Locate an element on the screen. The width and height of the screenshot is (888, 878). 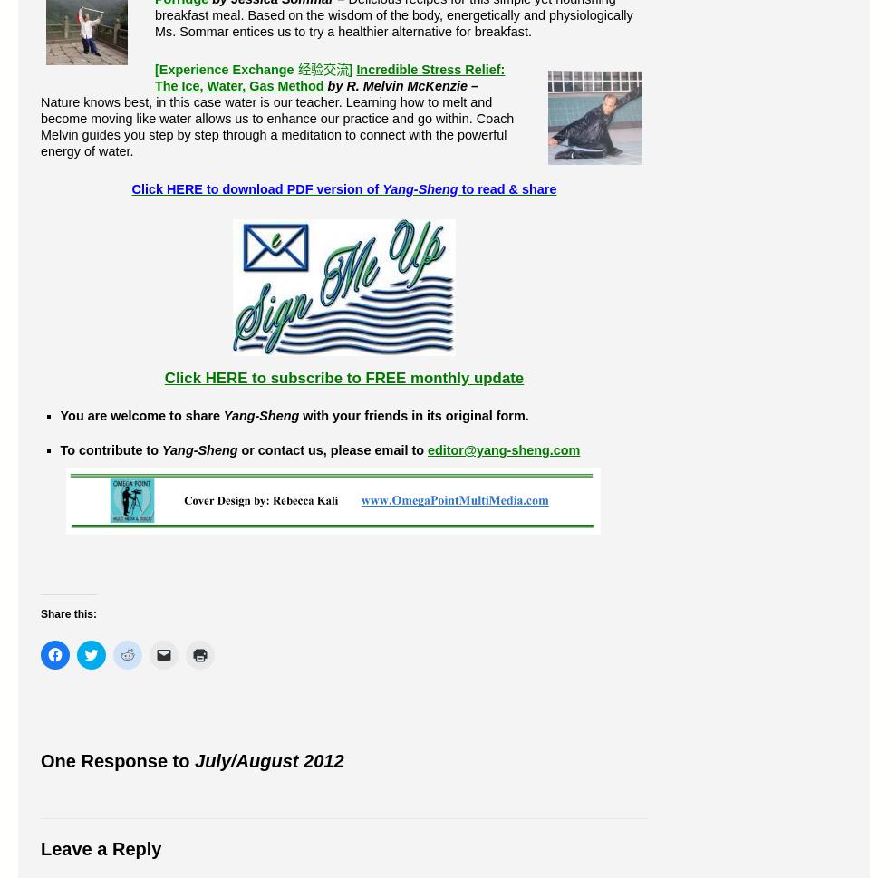
'July/August 2012' is located at coordinates (269, 760).